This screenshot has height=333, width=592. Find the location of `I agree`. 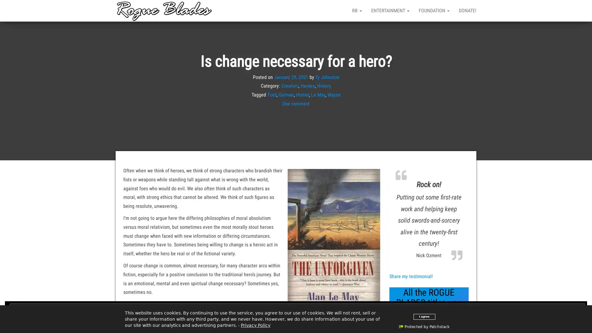

I agree is located at coordinates (424, 316).